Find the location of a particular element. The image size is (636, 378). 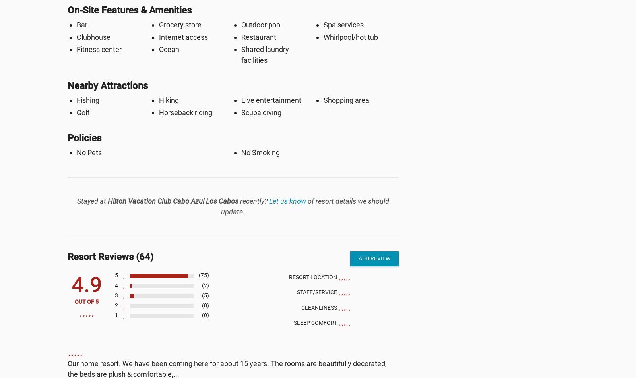

'(75)' is located at coordinates (203, 275).